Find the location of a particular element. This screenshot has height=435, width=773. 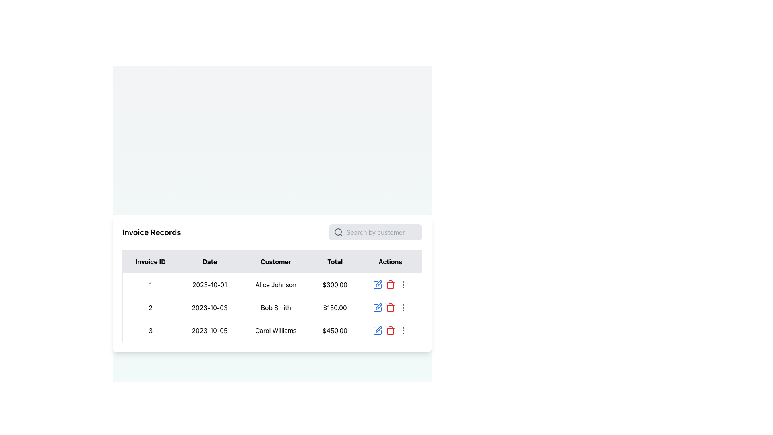

the primary circle of the magnifying glass icon located to the left of the search field in the top-right section of the table header is located at coordinates (338, 231).